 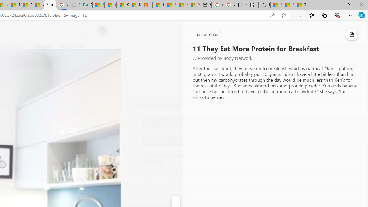 I want to click on 'Class: at-item immersive', so click(x=352, y=34).